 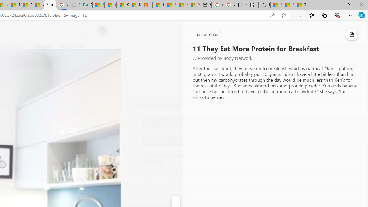 I want to click on 'Class: at-item immersive', so click(x=352, y=34).